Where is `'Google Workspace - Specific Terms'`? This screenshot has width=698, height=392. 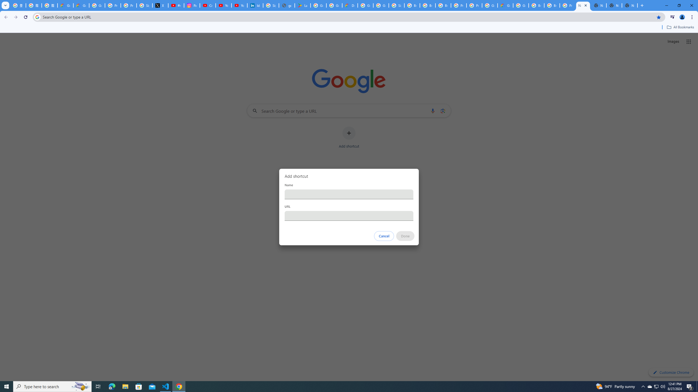 'Google Workspace - Specific Terms' is located at coordinates (334, 5).